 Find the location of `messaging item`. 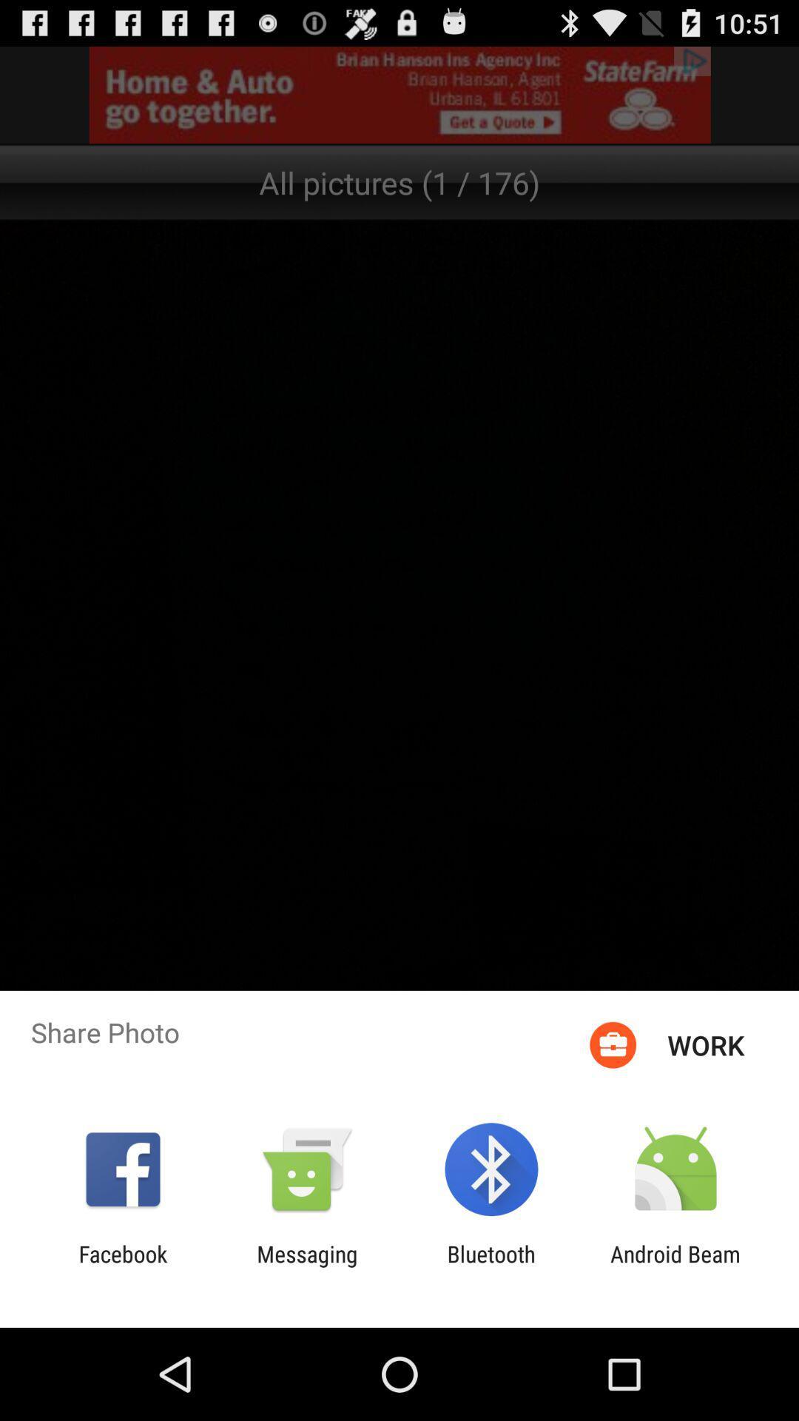

messaging item is located at coordinates (306, 1266).